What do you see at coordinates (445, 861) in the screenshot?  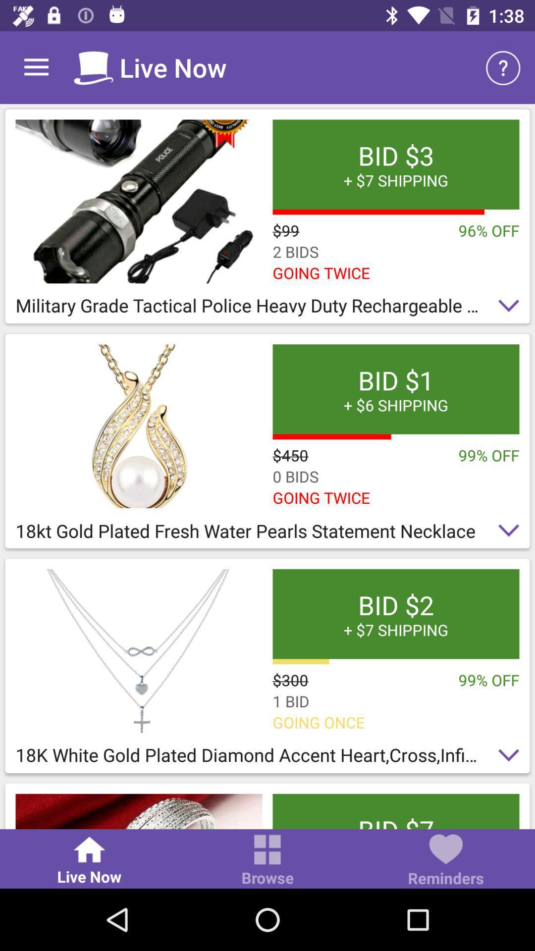 I see `item to the right of the browse item` at bounding box center [445, 861].